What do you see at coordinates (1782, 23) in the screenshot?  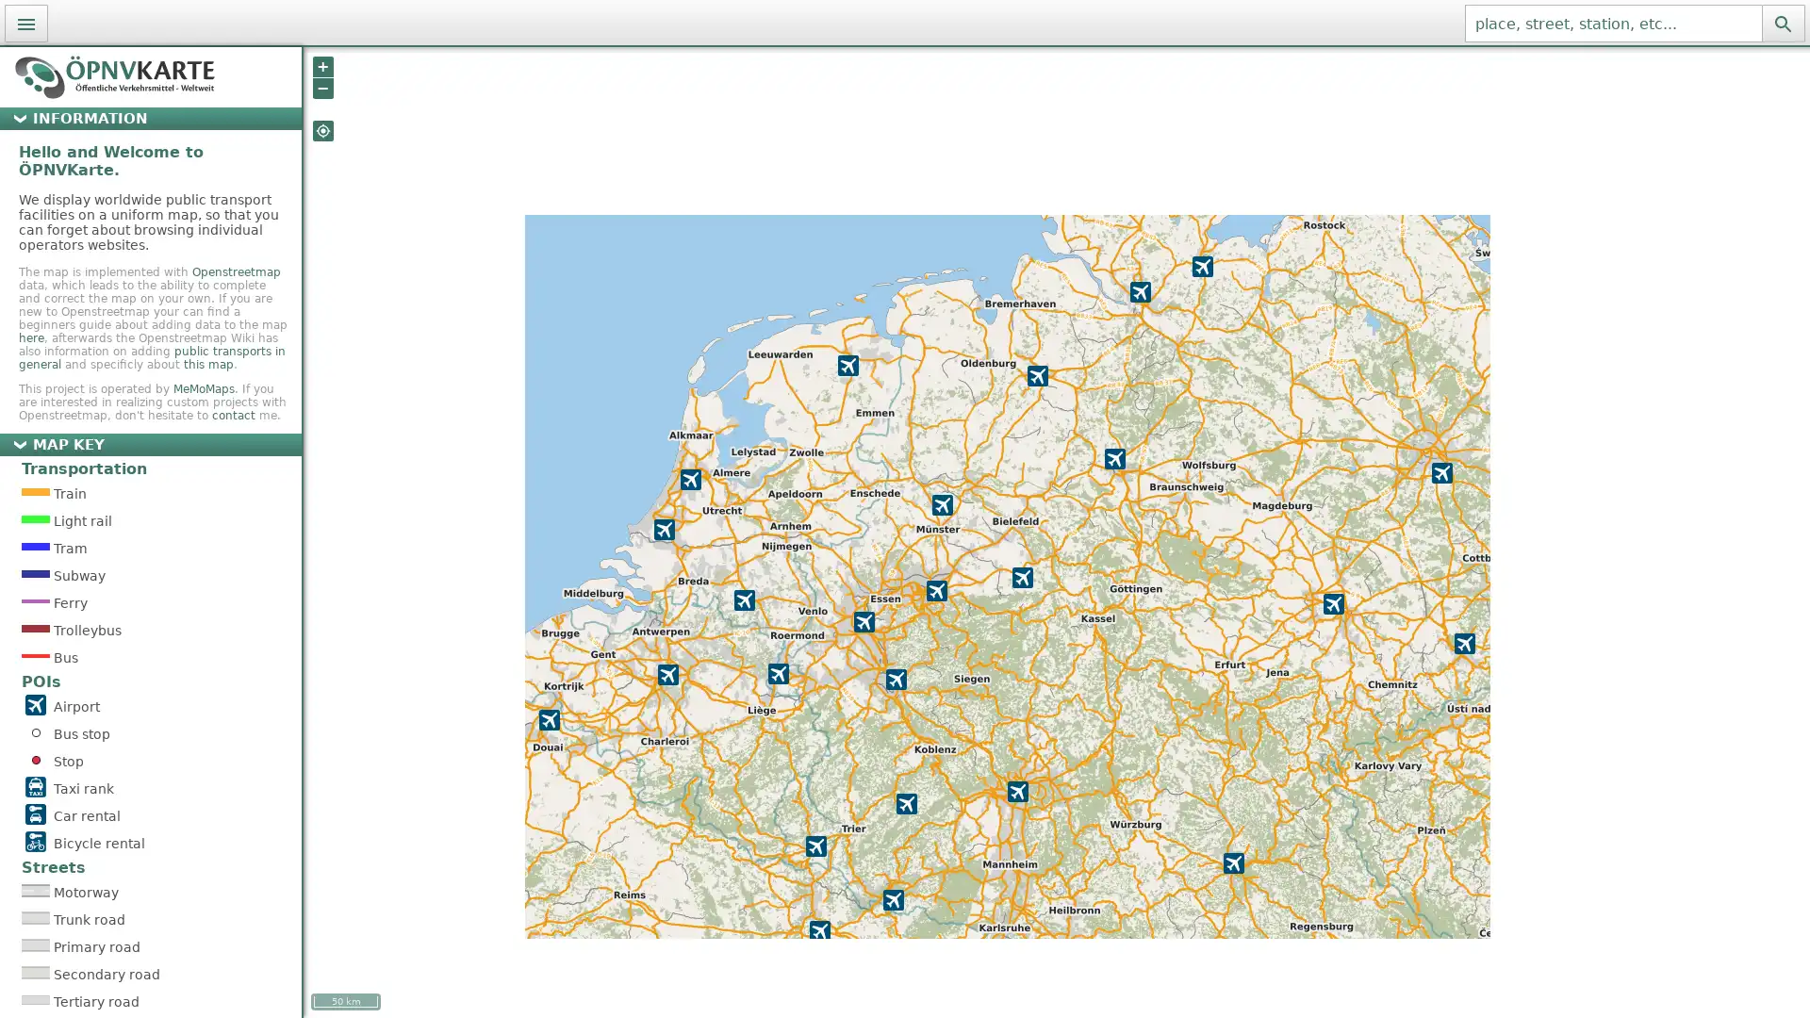 I see `Search` at bounding box center [1782, 23].